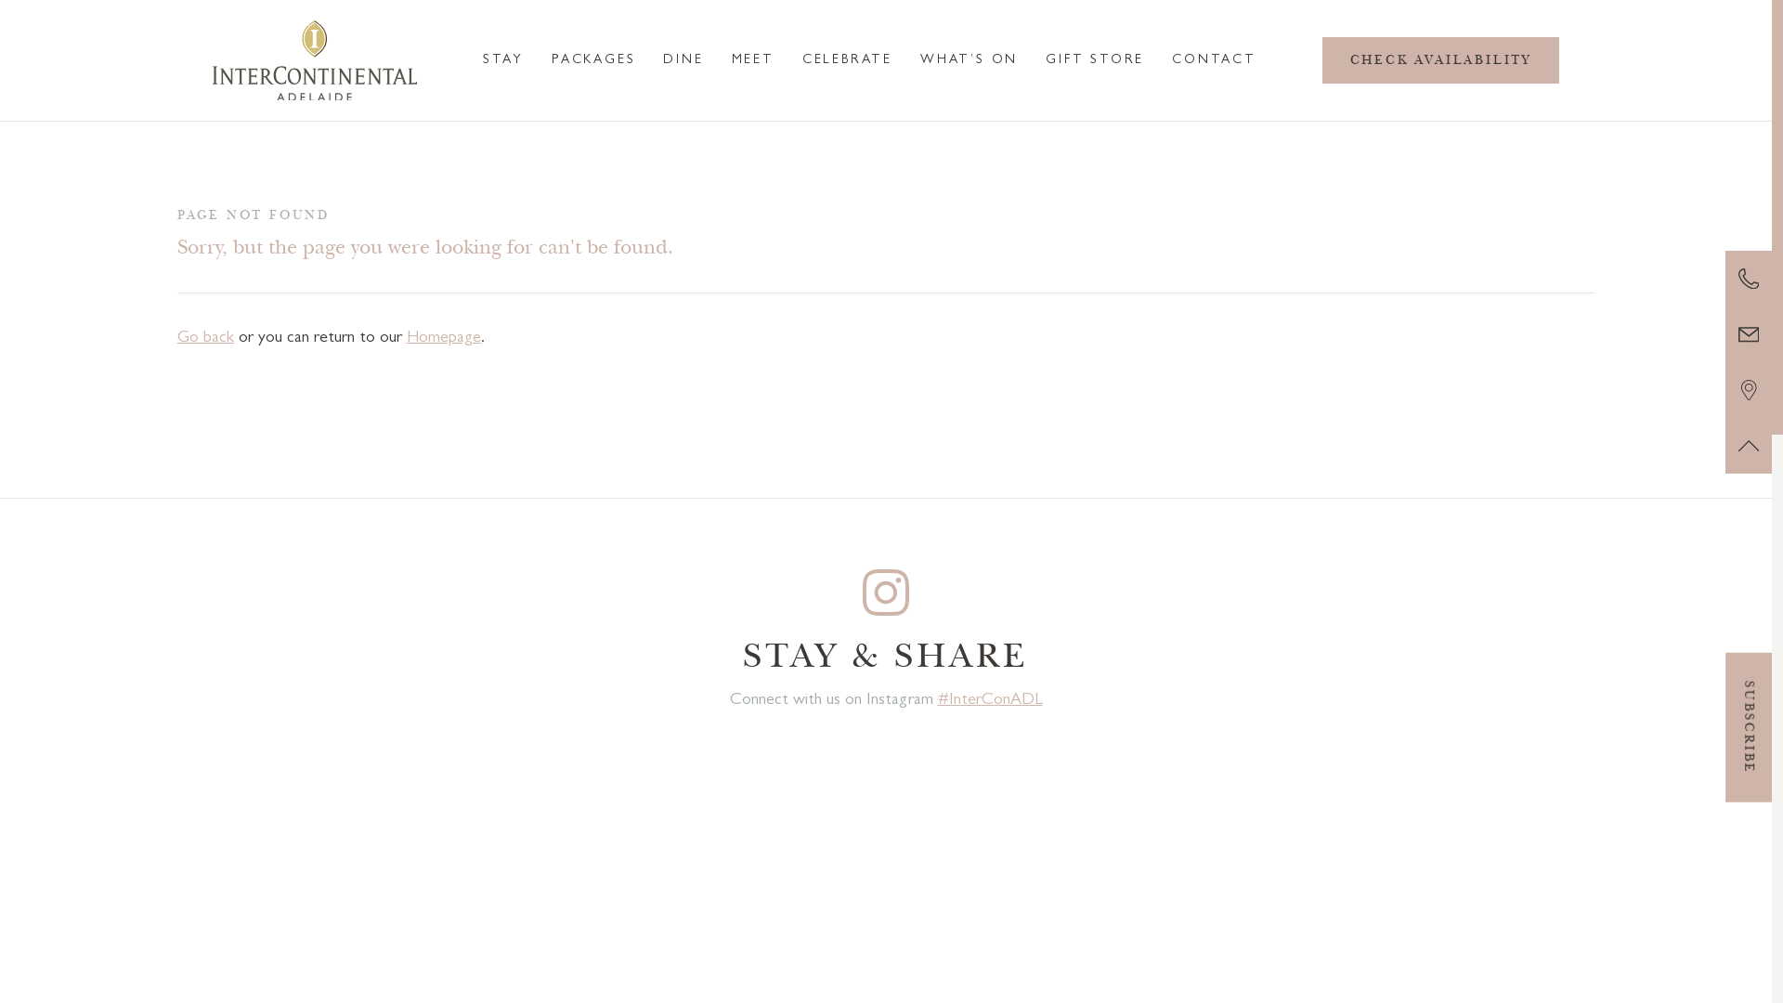 The image size is (1783, 1003). Describe the element at coordinates (1439, 59) in the screenshot. I see `'CHECK AVAILABILITY'` at that location.